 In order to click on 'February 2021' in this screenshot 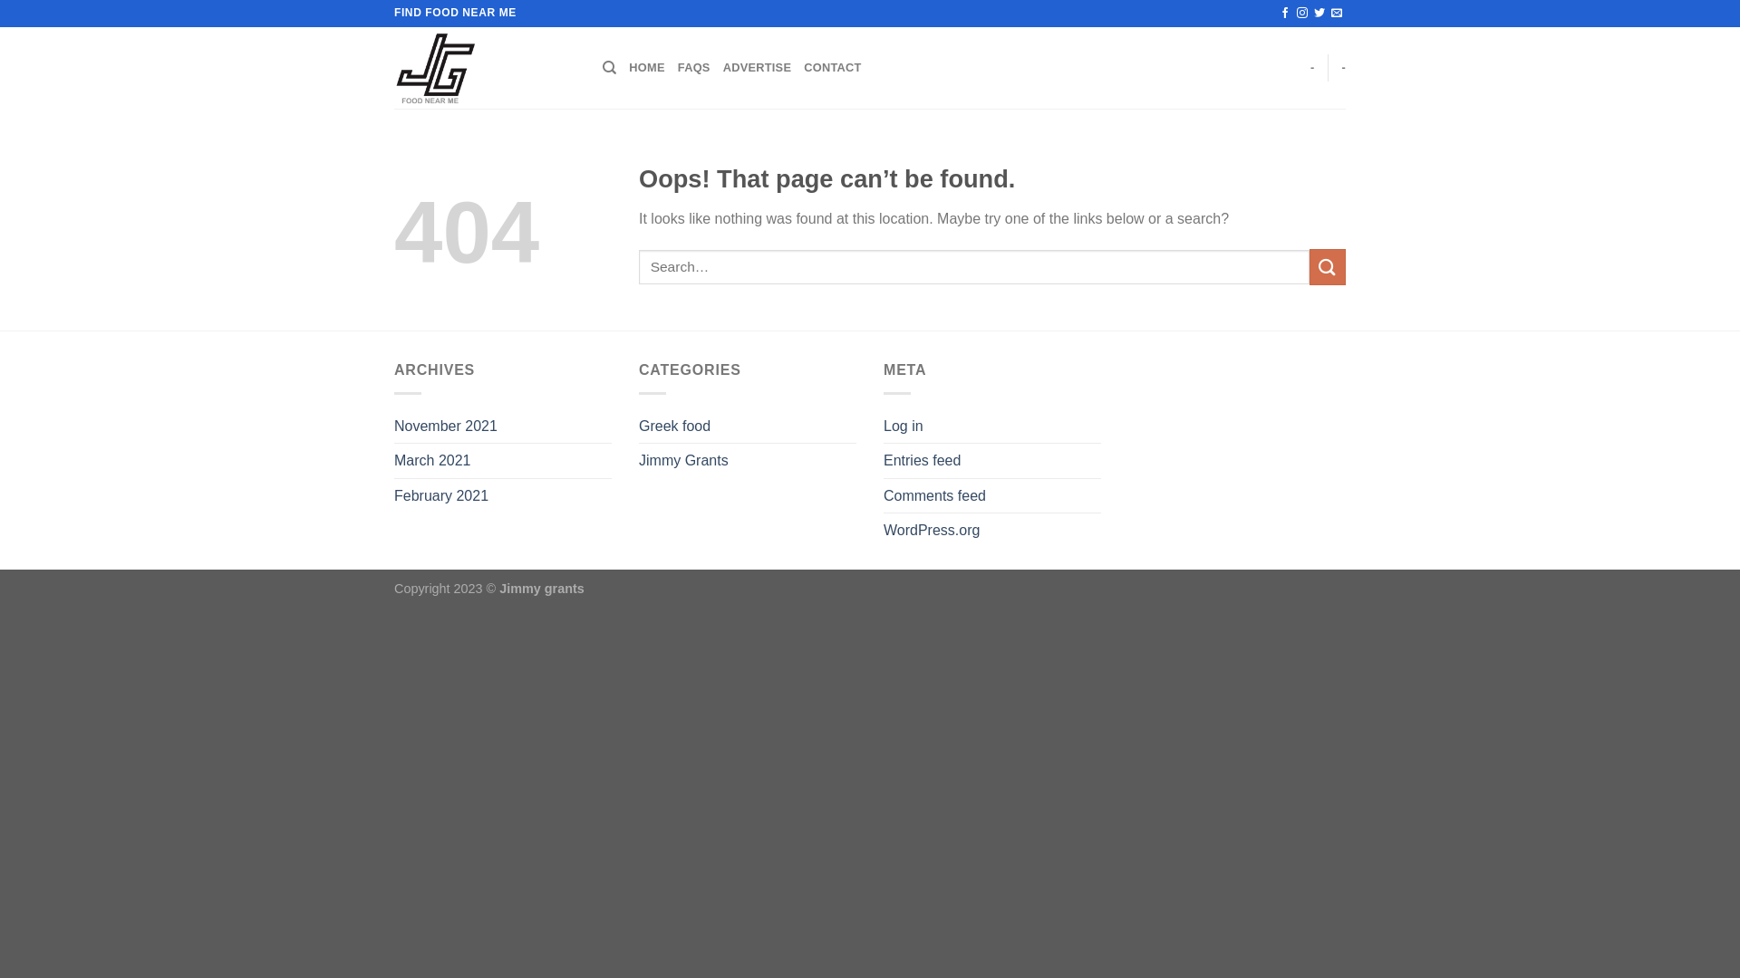, I will do `click(393, 495)`.